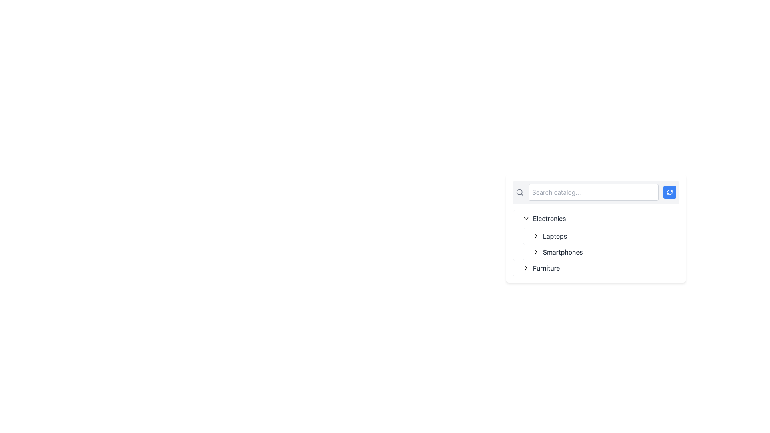  What do you see at coordinates (536, 236) in the screenshot?
I see `the right-facing chevron icon next to the 'Laptops' list item` at bounding box center [536, 236].